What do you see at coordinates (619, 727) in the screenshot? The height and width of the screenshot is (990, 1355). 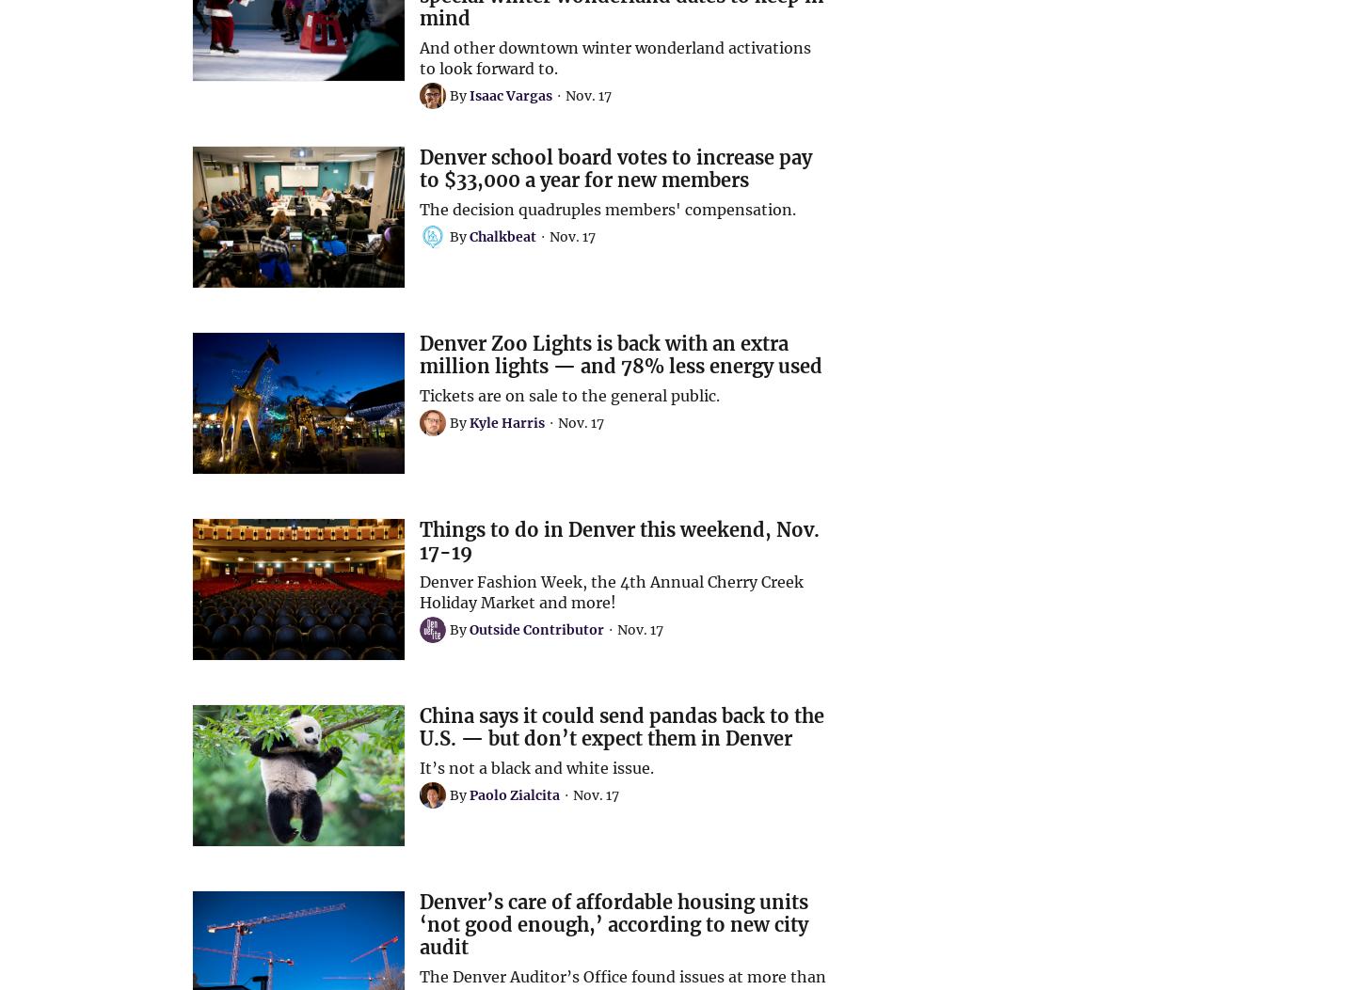 I see `'China says it could send pandas back to the U.S. — but don’t expect them in Denver'` at bounding box center [619, 727].